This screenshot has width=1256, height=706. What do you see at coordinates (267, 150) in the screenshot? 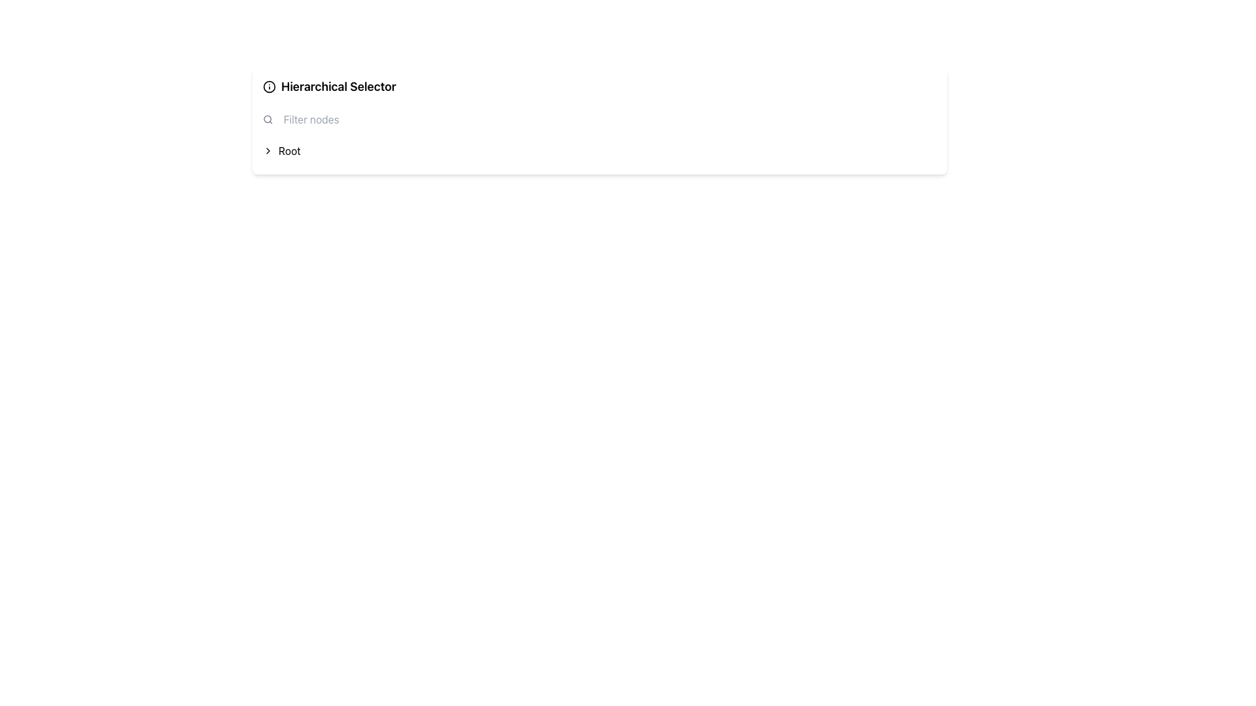
I see `the right-facing chevron icon styled as an SVG graphic, located to the left of the 'Root' label in a hierarchical selector interface` at bounding box center [267, 150].